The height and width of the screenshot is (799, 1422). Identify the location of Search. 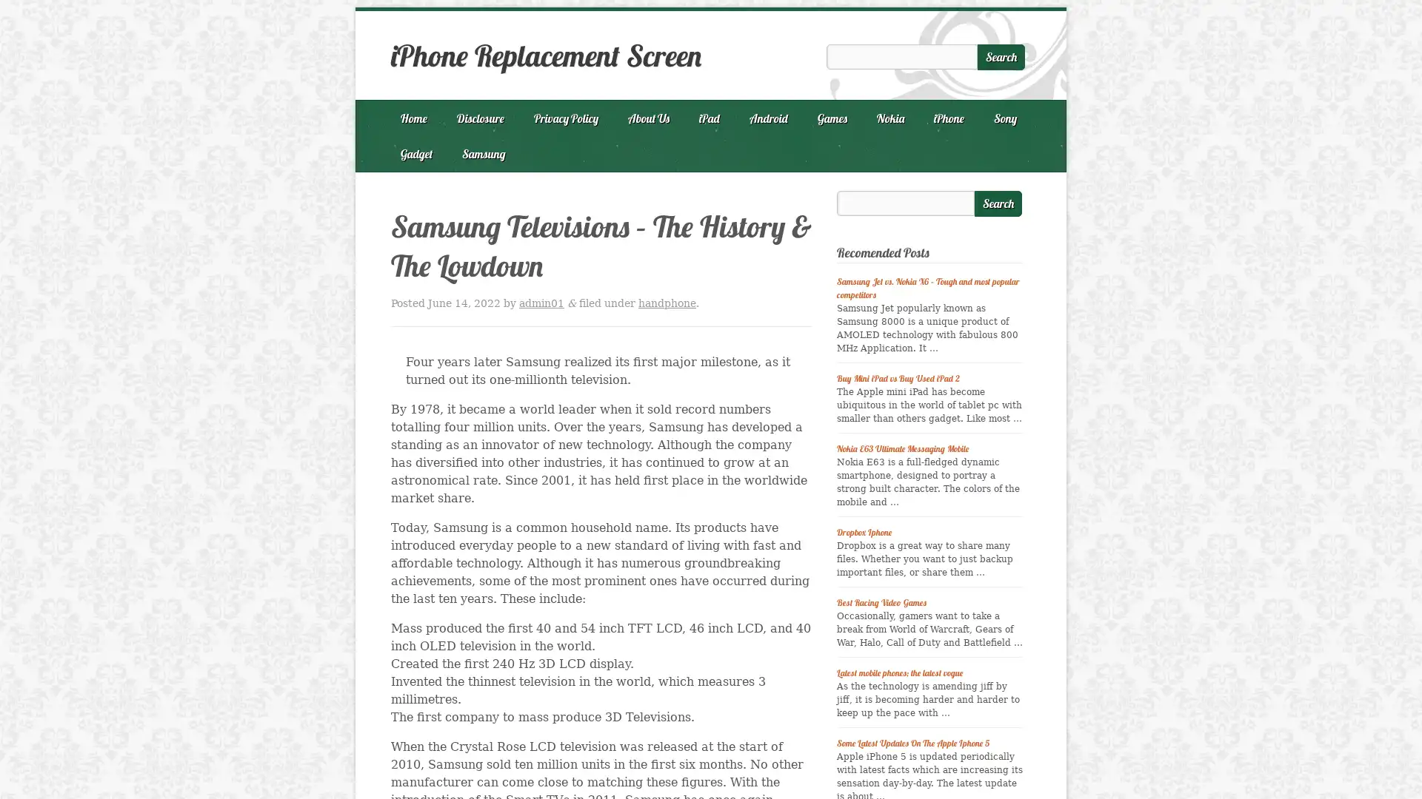
(1001, 56).